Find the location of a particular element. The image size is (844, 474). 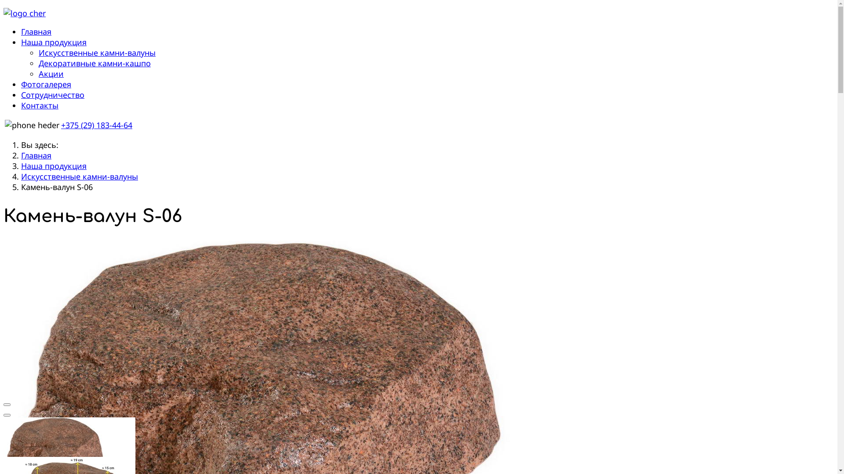

'+375 (29) 183-44-64' is located at coordinates (97, 125).